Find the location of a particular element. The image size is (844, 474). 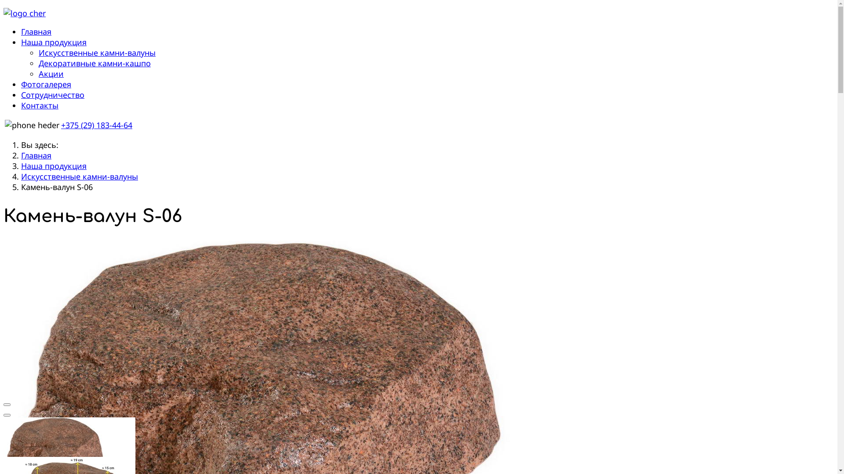

'+375 (29) 183-44-64' is located at coordinates (97, 125).